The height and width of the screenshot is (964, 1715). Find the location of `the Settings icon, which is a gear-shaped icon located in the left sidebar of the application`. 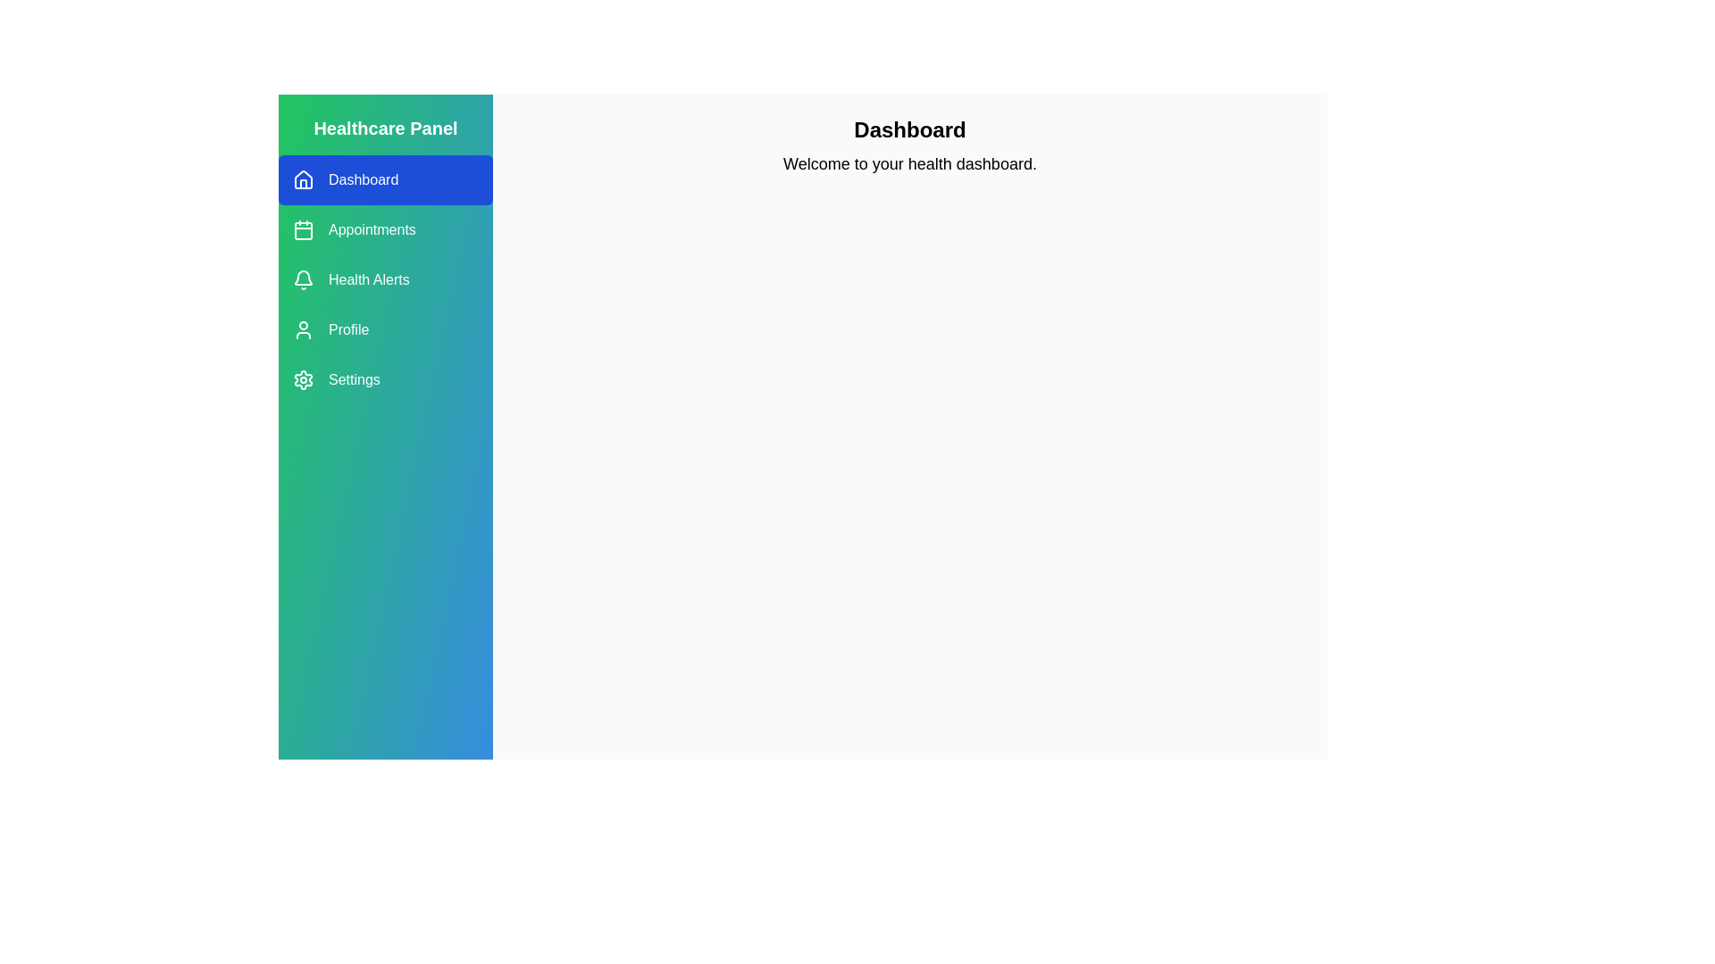

the Settings icon, which is a gear-shaped icon located in the left sidebar of the application is located at coordinates (304, 378).